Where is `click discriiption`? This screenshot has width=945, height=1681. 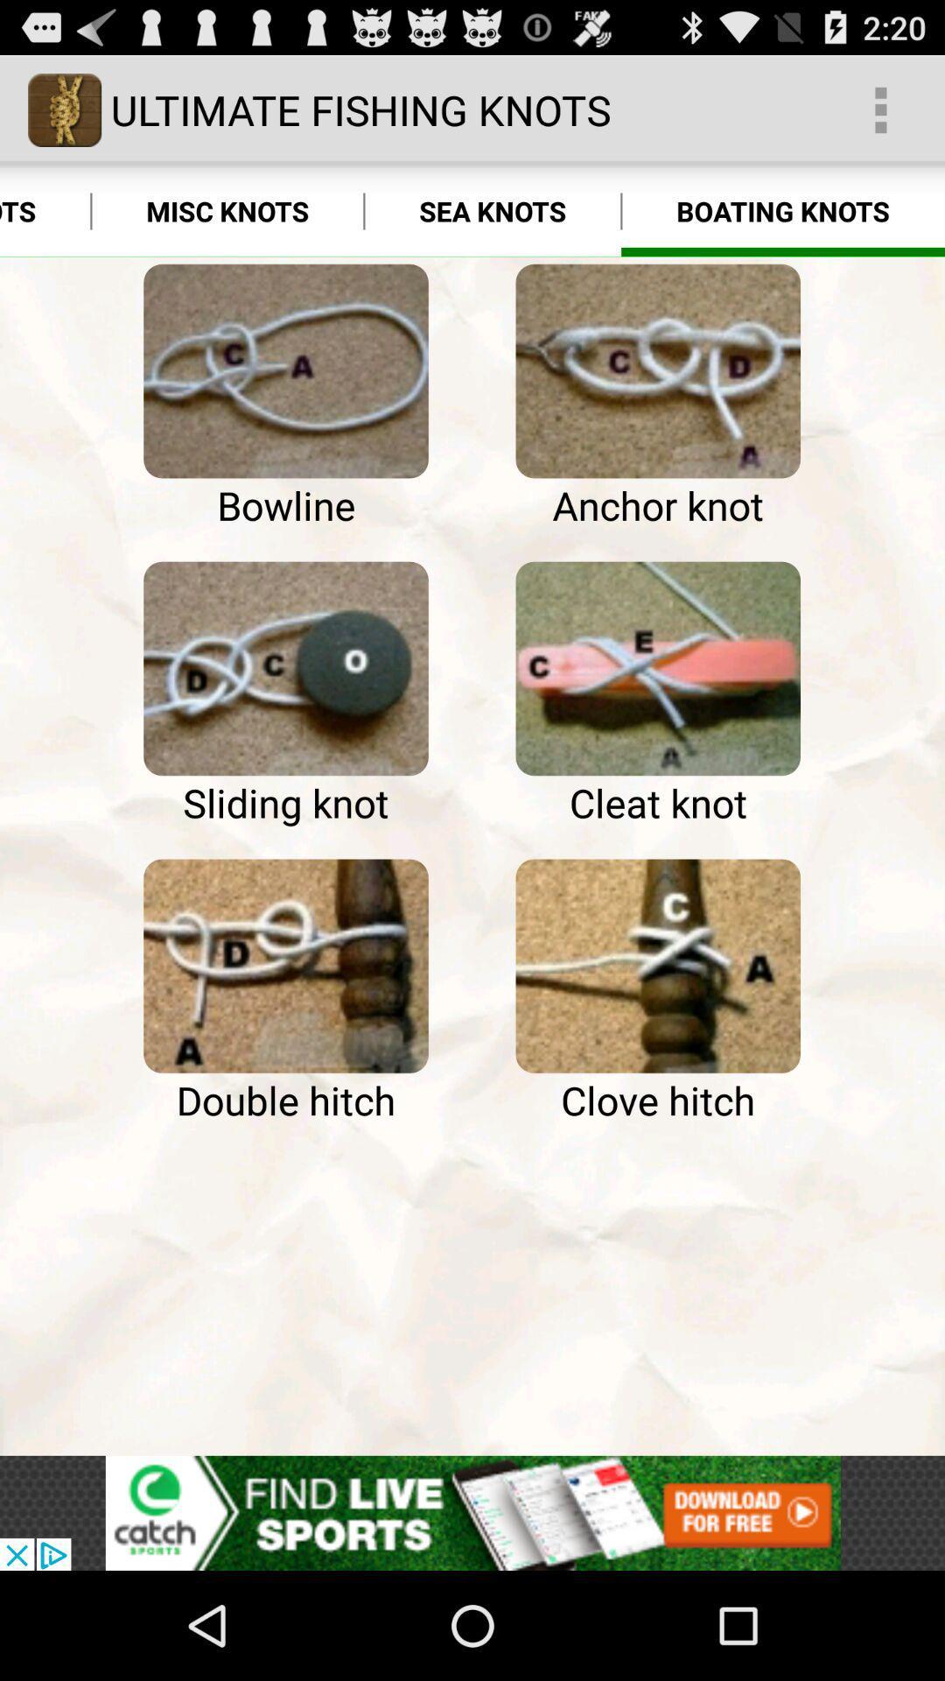 click discriiption is located at coordinates (472, 1512).